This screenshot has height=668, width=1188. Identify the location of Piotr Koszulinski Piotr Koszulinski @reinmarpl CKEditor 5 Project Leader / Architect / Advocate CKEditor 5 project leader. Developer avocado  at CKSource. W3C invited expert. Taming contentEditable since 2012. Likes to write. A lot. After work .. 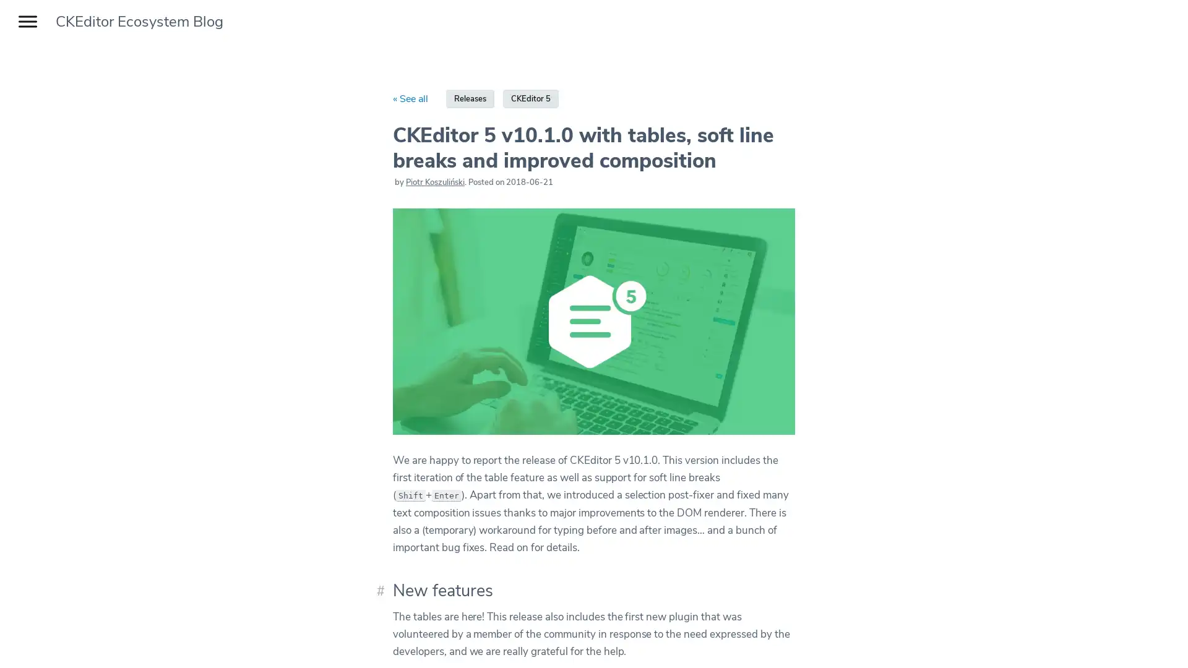
(435, 182).